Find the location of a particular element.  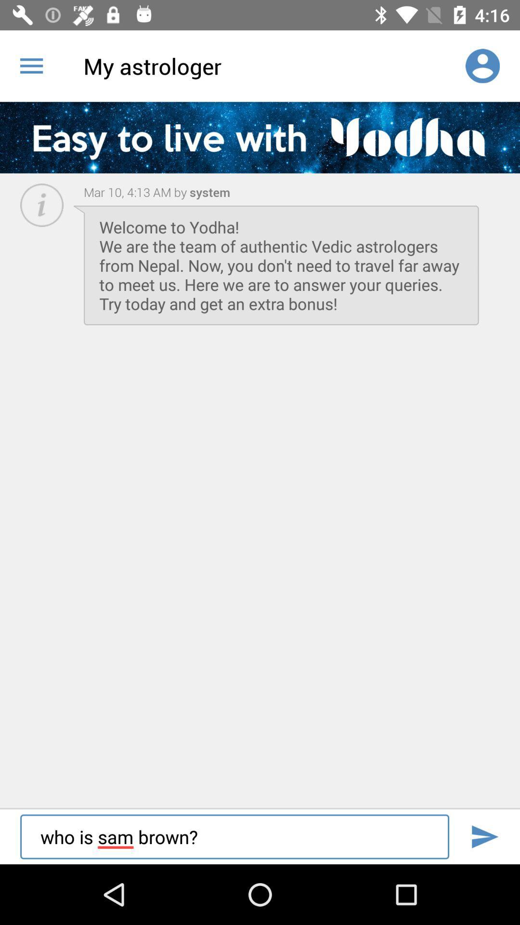

send reply is located at coordinates (484, 836).